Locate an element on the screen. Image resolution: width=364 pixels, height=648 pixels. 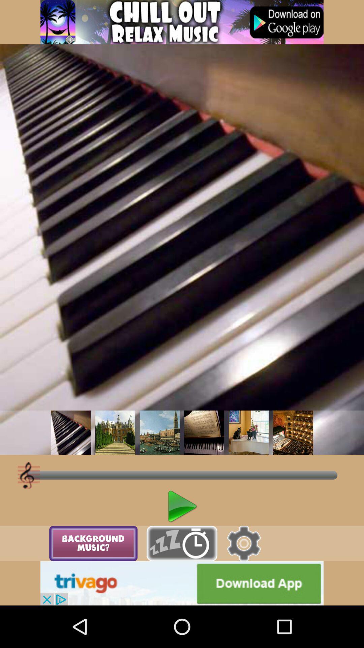
open advertisement is located at coordinates (182, 22).